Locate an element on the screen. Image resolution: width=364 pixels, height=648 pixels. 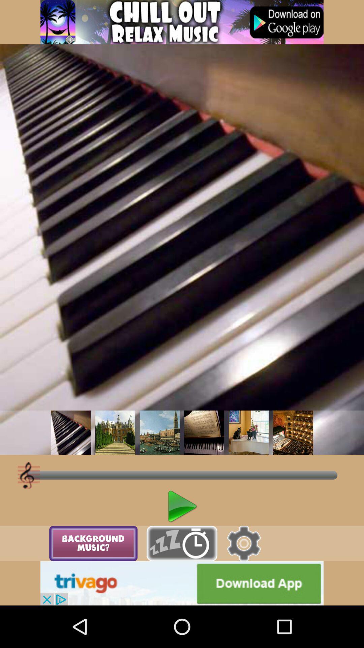
open advertisement is located at coordinates (182, 22).